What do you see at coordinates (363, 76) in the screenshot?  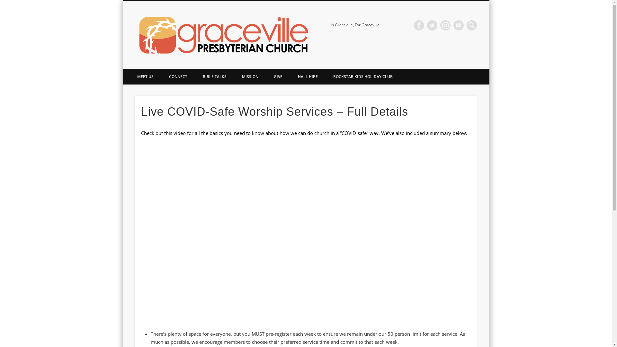 I see `'ROCKSTAR KIDS HOLIDAY CLUB '` at bounding box center [363, 76].